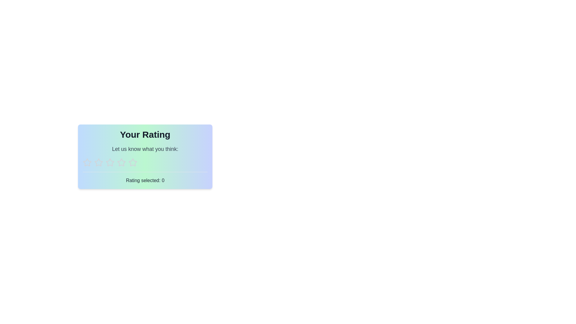 This screenshot has width=576, height=324. What do you see at coordinates (145, 180) in the screenshot?
I see `text displayed in the Text Display element that shows 'Rating selected: 0', which is centrally aligned at the bottom of the card-like structure` at bounding box center [145, 180].